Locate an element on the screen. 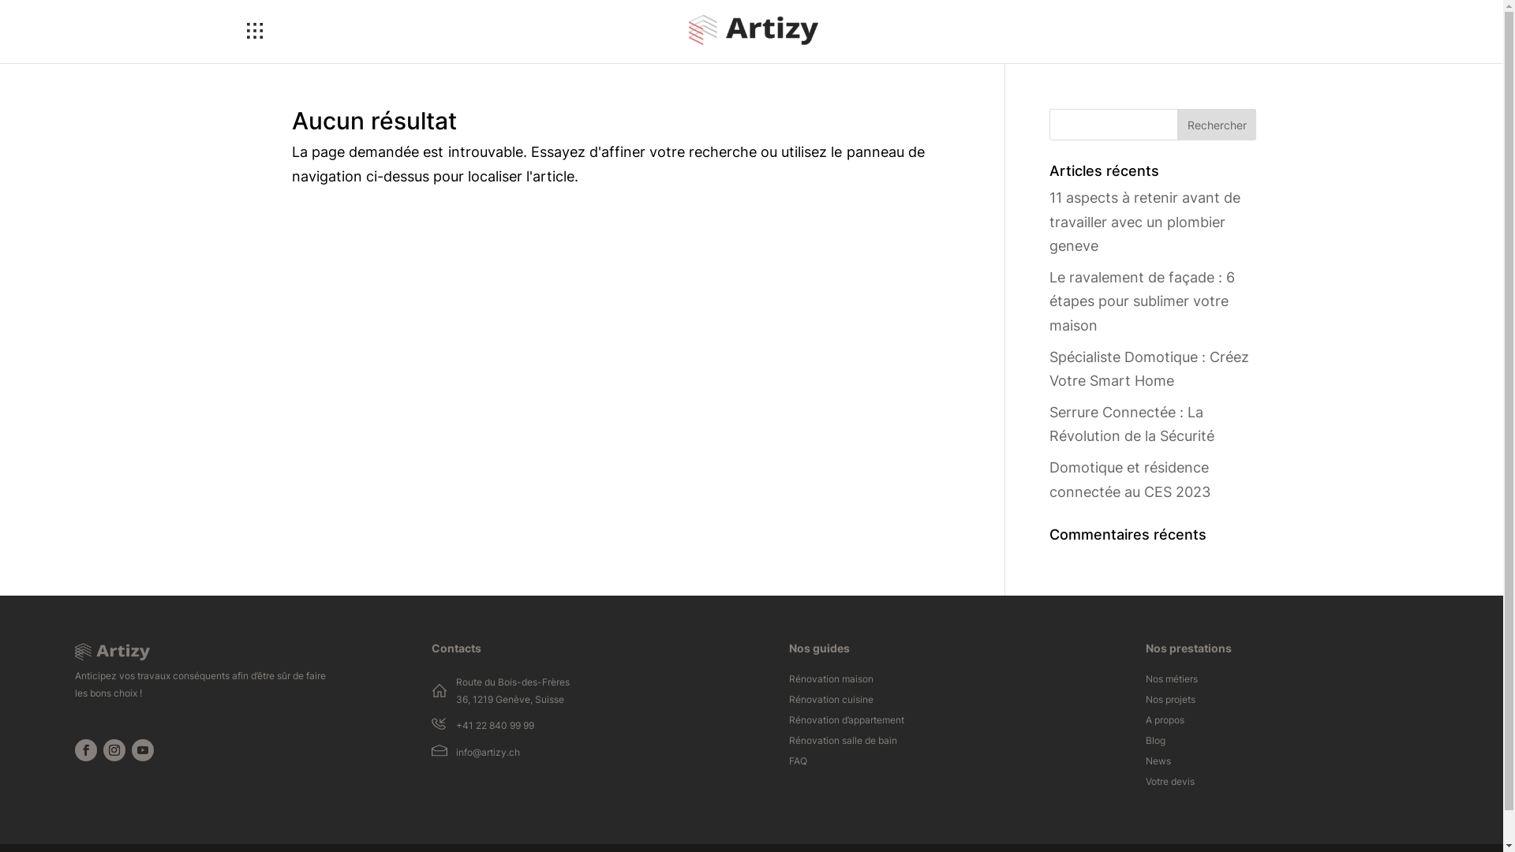 This screenshot has width=1515, height=852. 'FAQ' is located at coordinates (798, 763).